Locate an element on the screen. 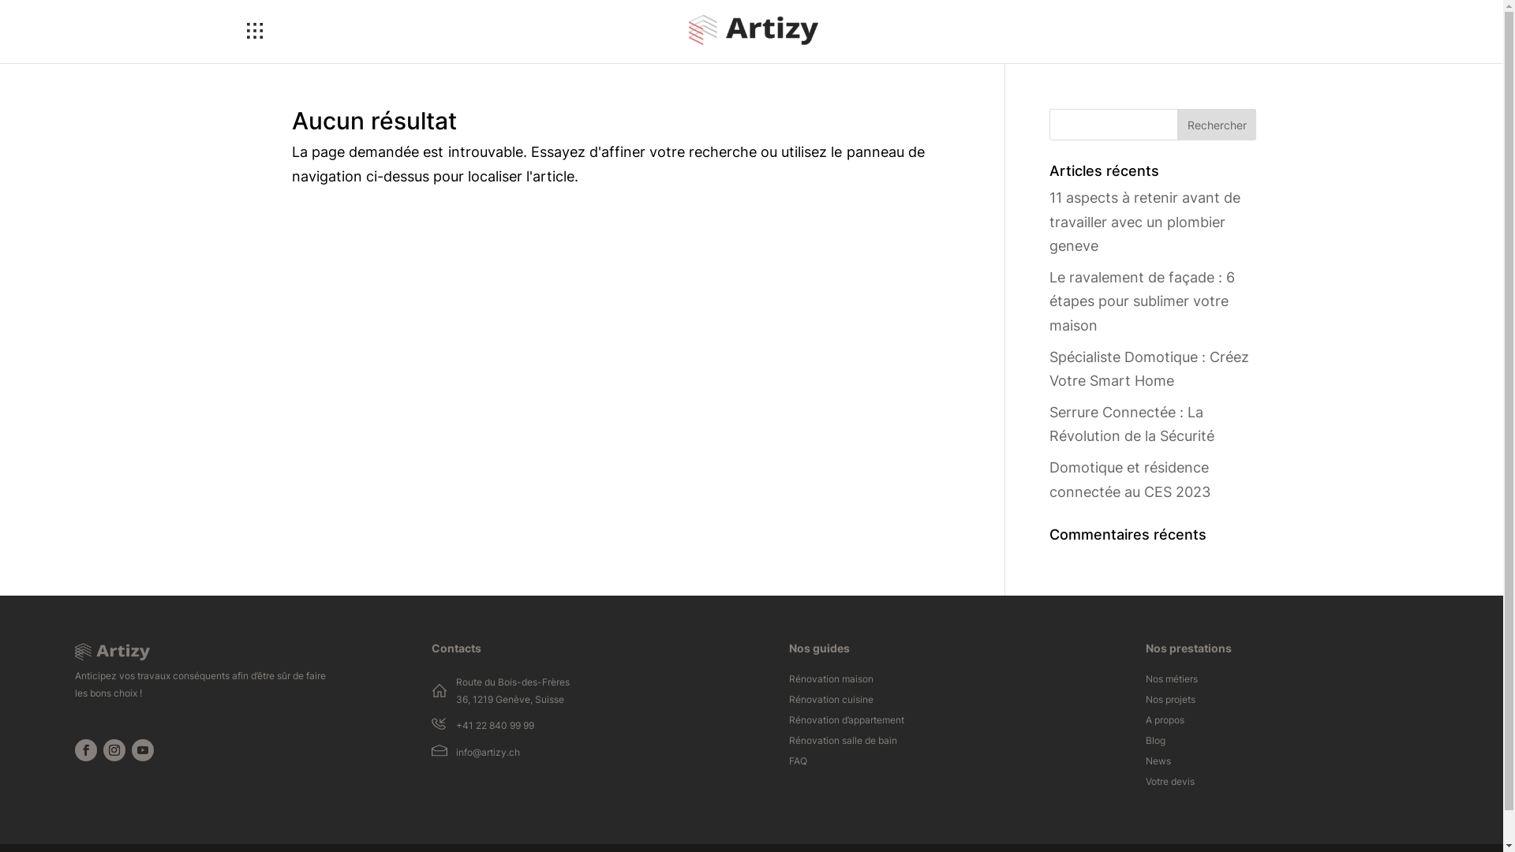 This screenshot has width=1515, height=852. 'FAQ' is located at coordinates (798, 763).